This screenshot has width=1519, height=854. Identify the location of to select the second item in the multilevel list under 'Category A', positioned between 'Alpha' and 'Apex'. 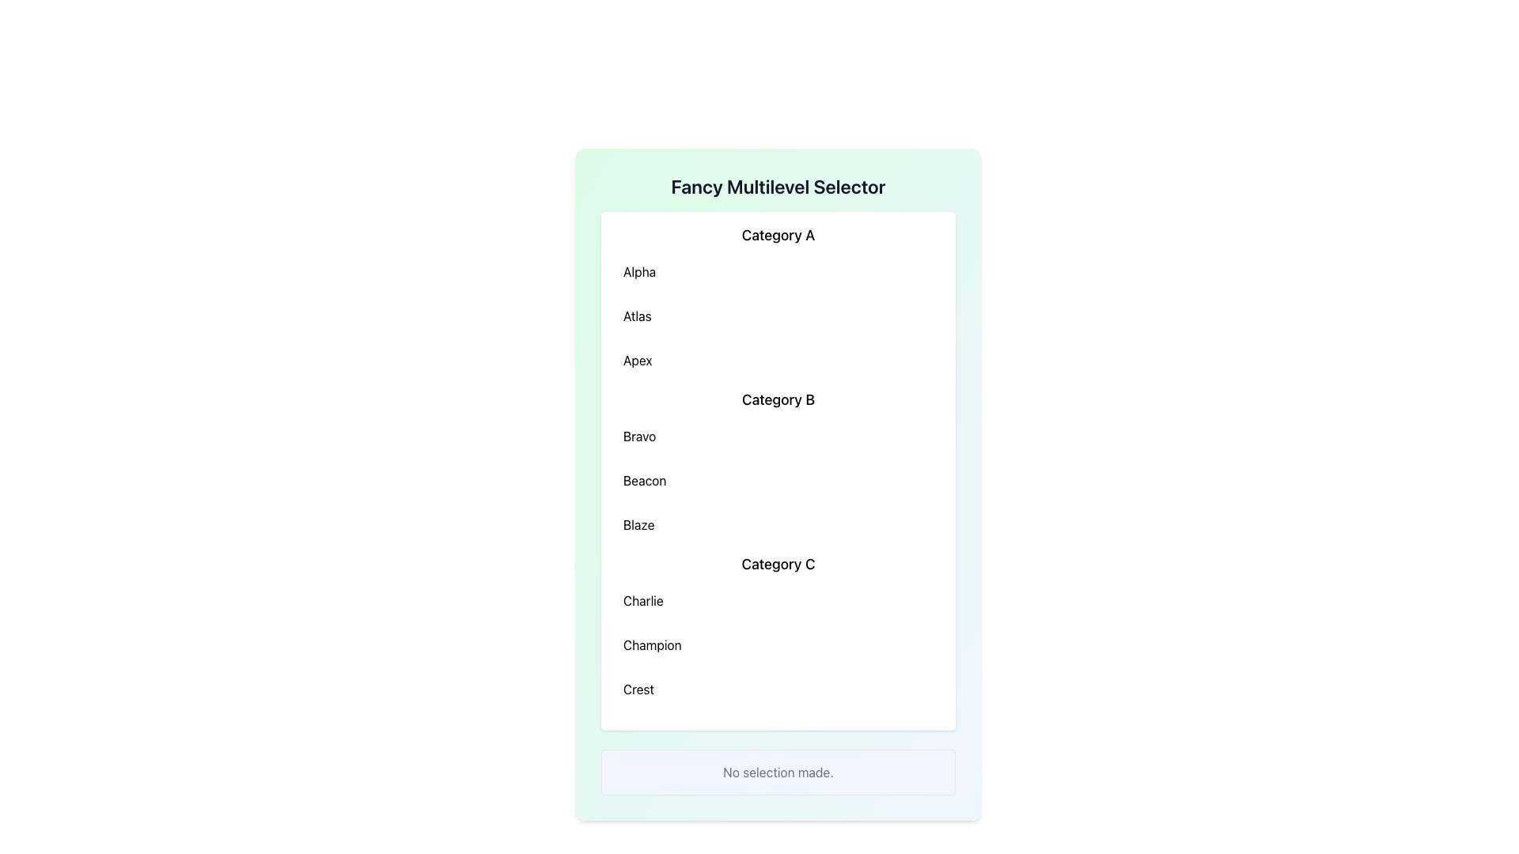
(637, 316).